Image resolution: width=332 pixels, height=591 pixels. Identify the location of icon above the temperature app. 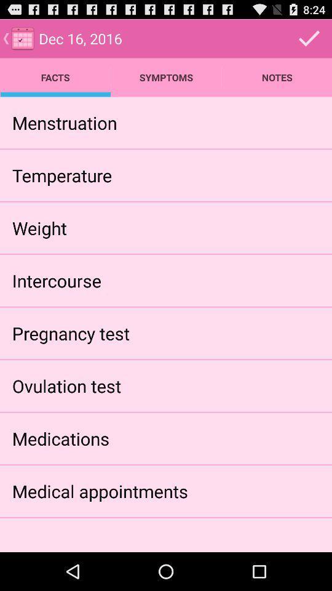
(65, 123).